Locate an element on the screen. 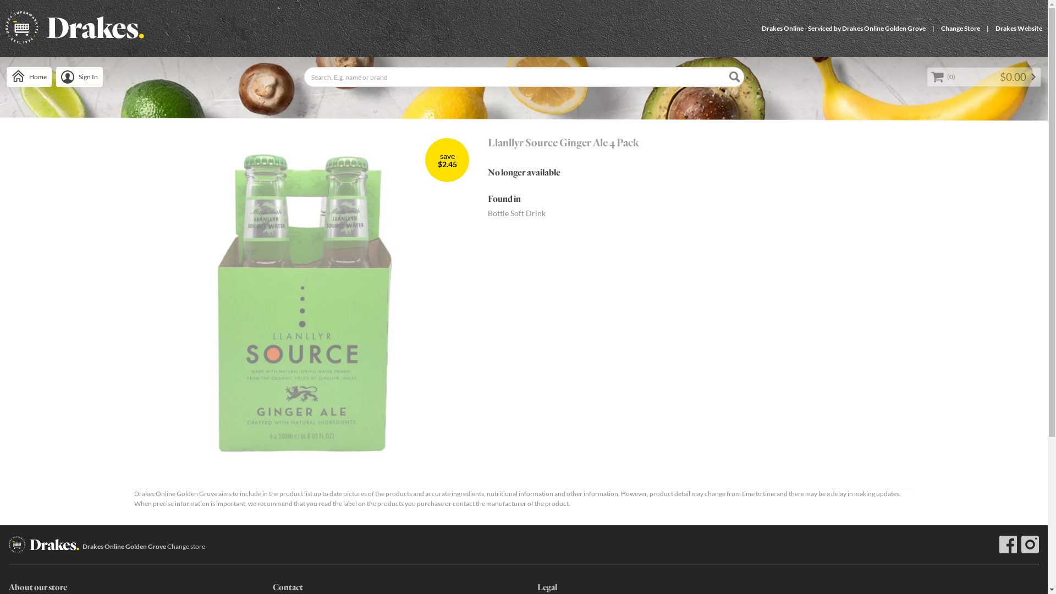  'Sign In' is located at coordinates (79, 76).